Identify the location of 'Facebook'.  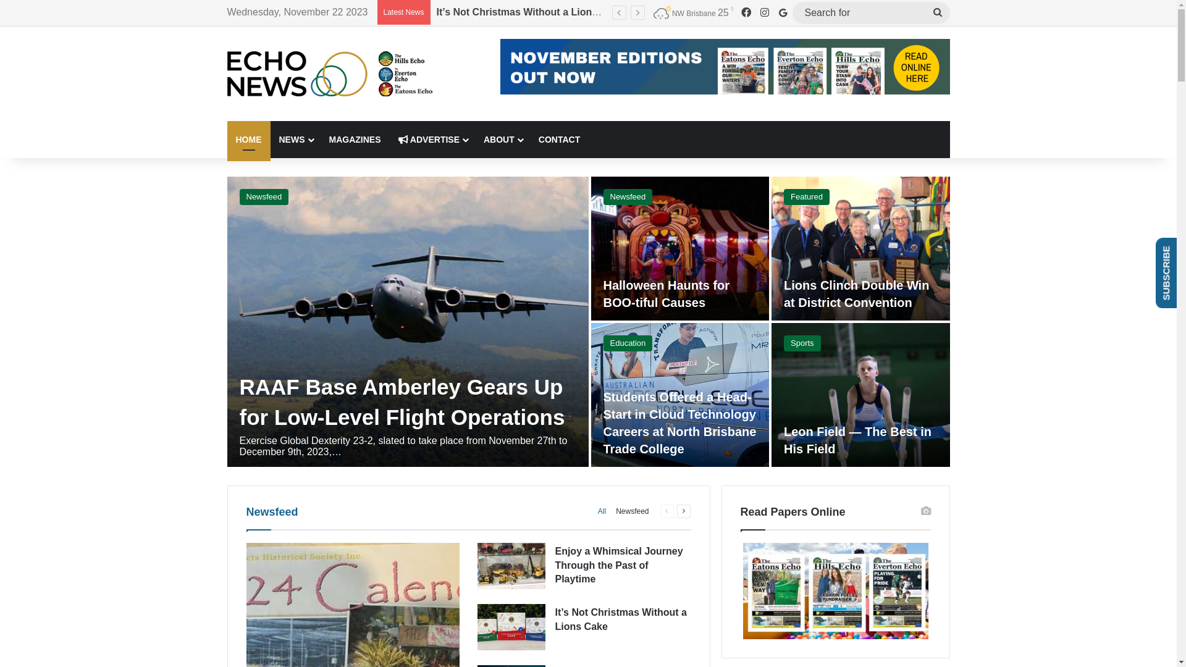
(744, 12).